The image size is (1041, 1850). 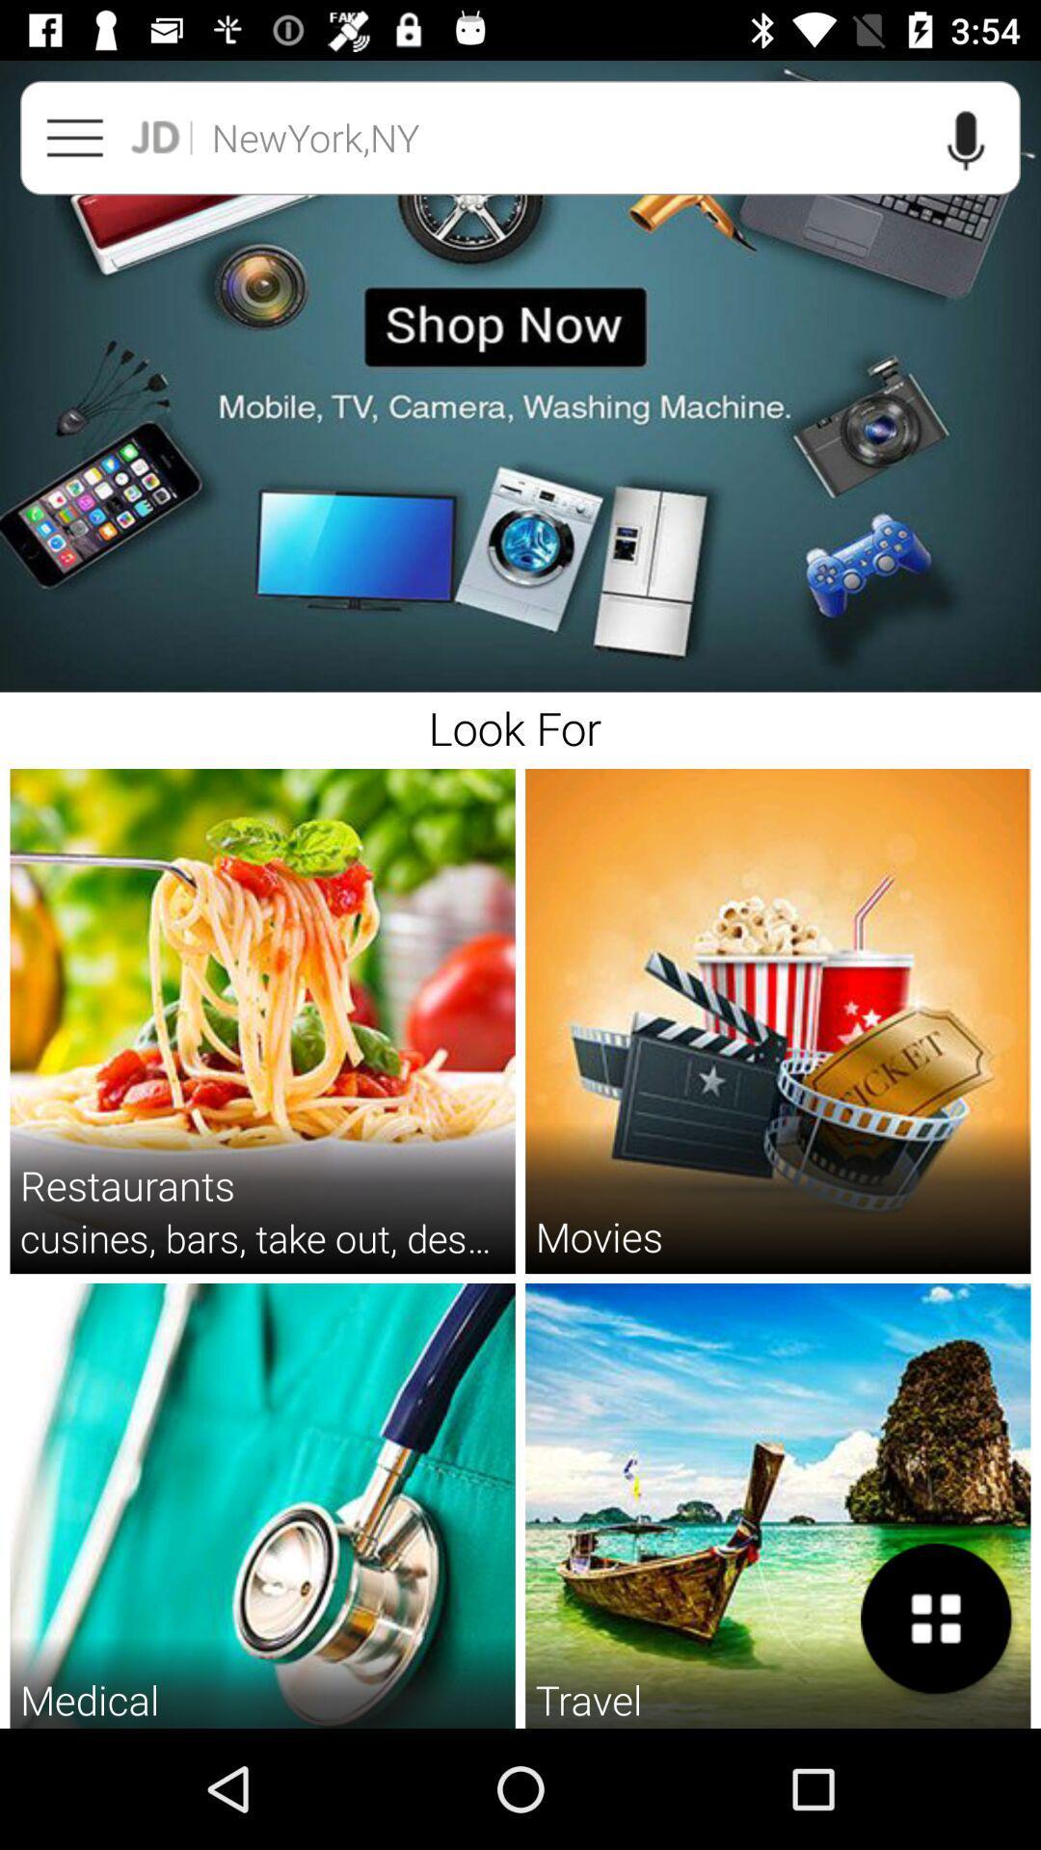 What do you see at coordinates (127, 1183) in the screenshot?
I see `the restaurants icon` at bounding box center [127, 1183].